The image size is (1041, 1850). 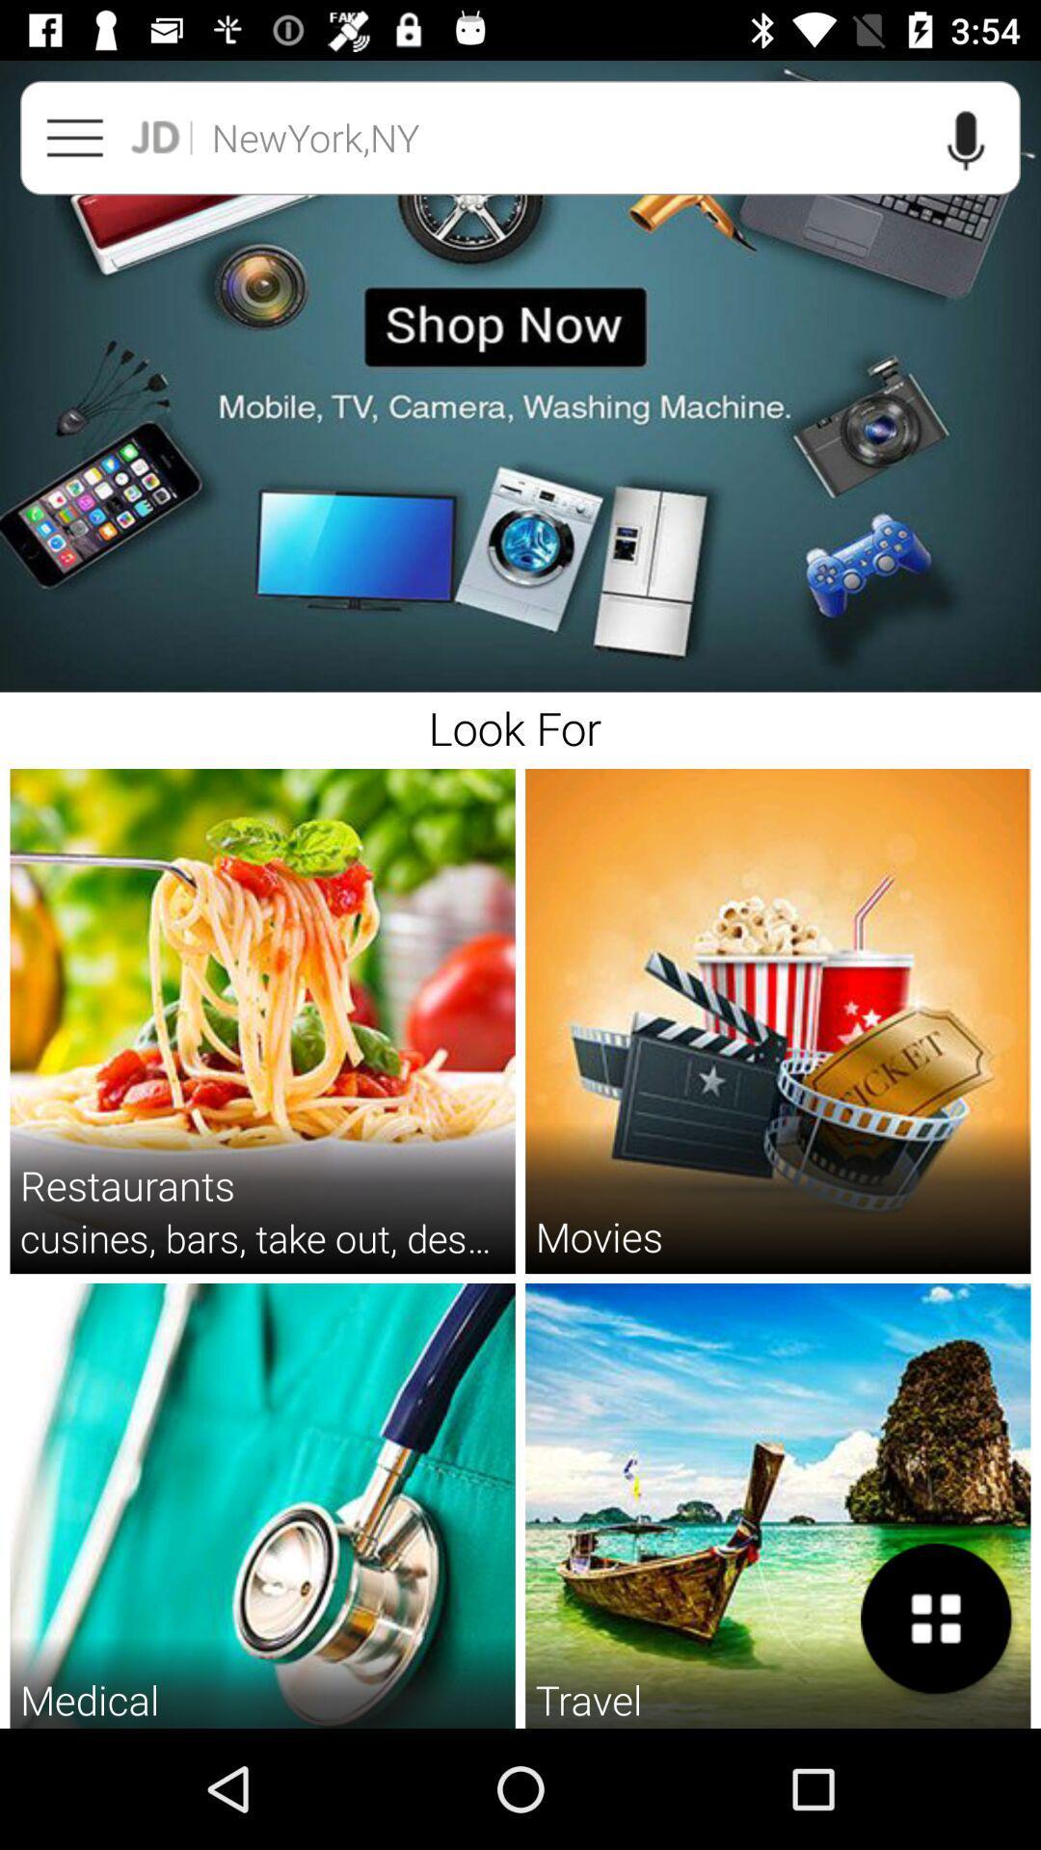 What do you see at coordinates (127, 1183) in the screenshot?
I see `the restaurants icon` at bounding box center [127, 1183].